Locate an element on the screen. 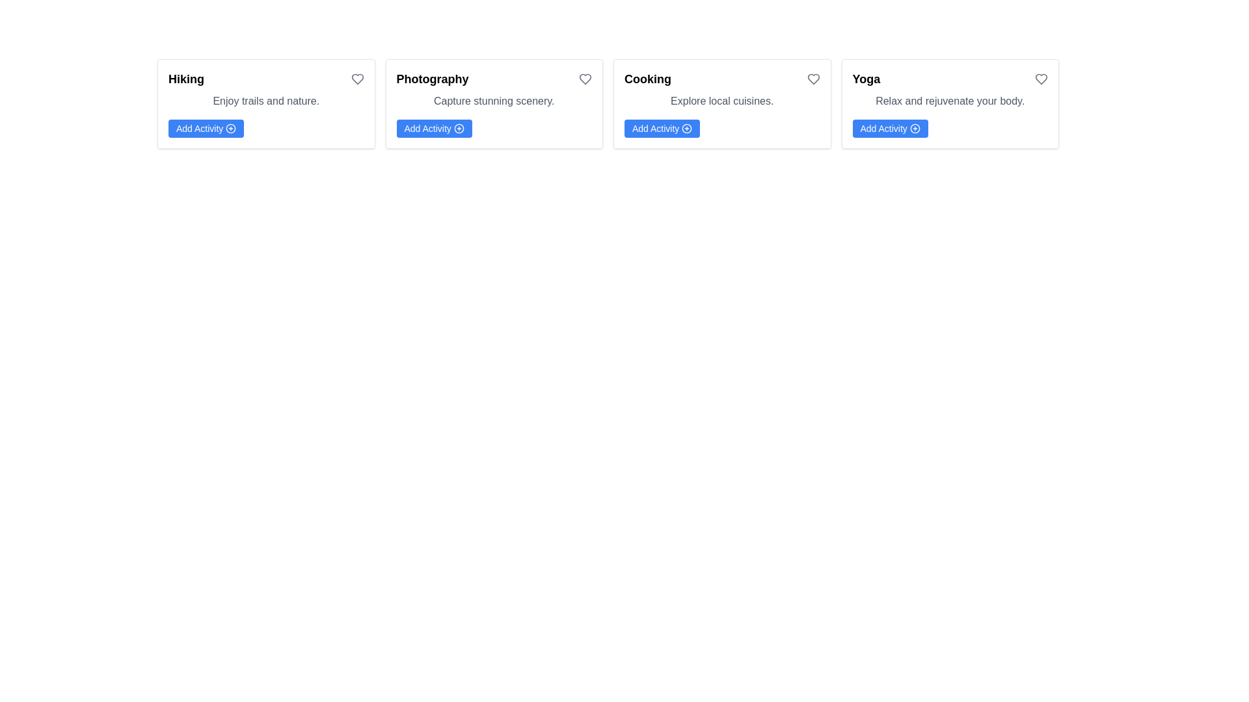 The height and width of the screenshot is (702, 1249). the heart-shaped button with a hollow outline, styled in gray, located in the top-right corner of the 'Cooking' card for keyboard interaction is located at coordinates (813, 79).